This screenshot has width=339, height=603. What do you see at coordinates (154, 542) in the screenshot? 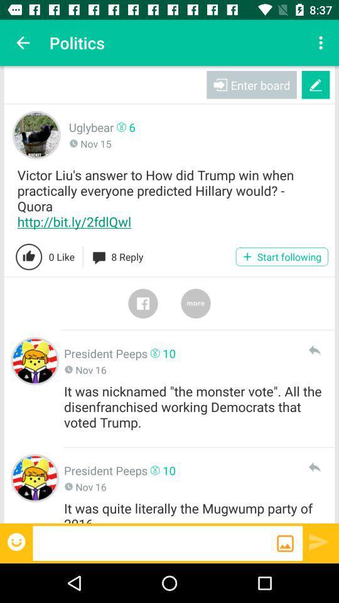
I see `type text` at bounding box center [154, 542].